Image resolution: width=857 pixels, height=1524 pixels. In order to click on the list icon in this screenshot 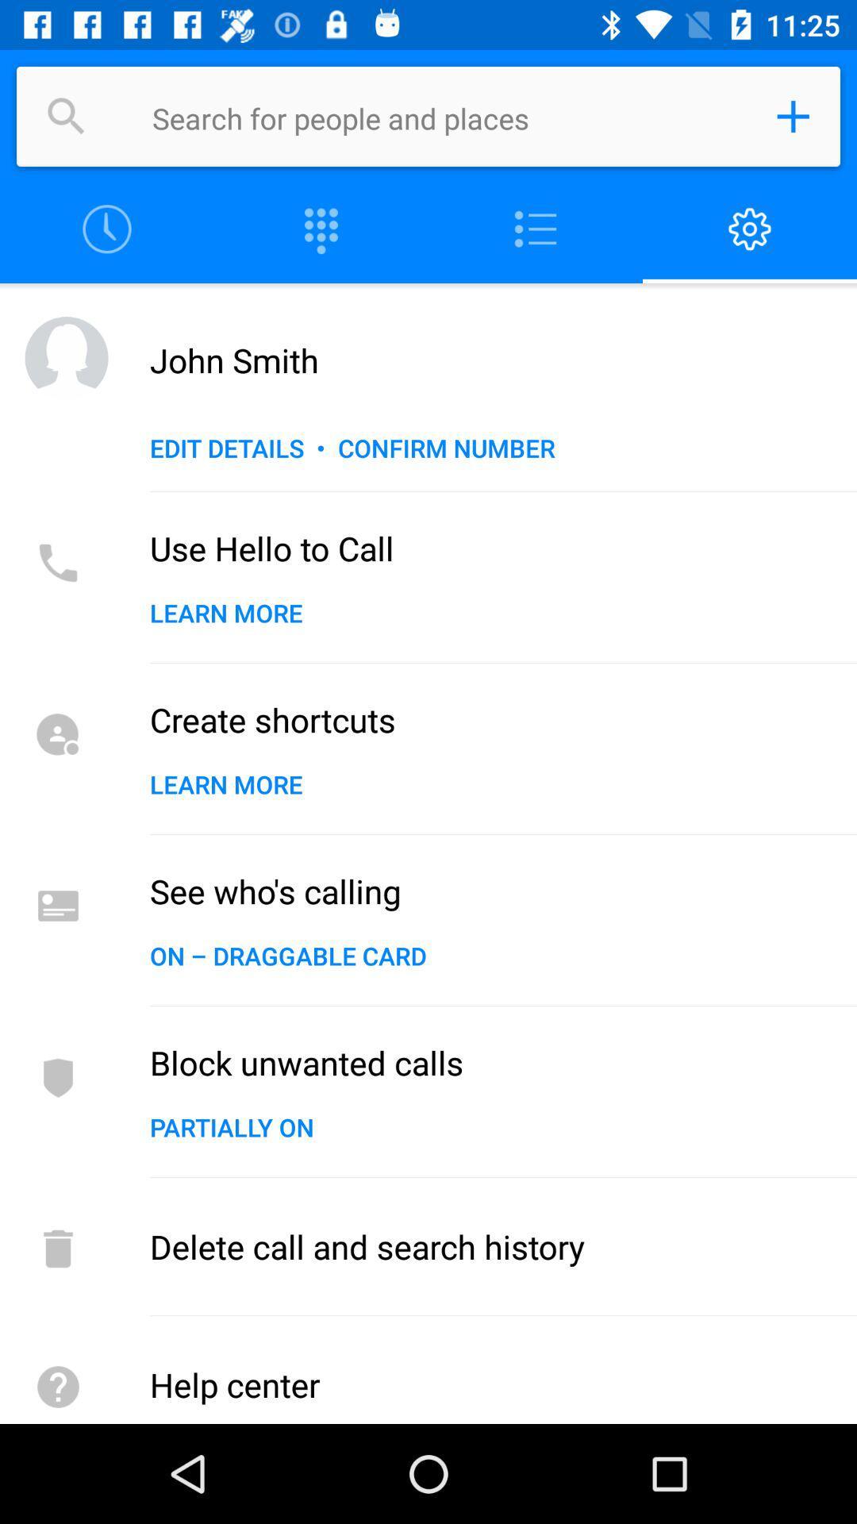, I will do `click(536, 229)`.